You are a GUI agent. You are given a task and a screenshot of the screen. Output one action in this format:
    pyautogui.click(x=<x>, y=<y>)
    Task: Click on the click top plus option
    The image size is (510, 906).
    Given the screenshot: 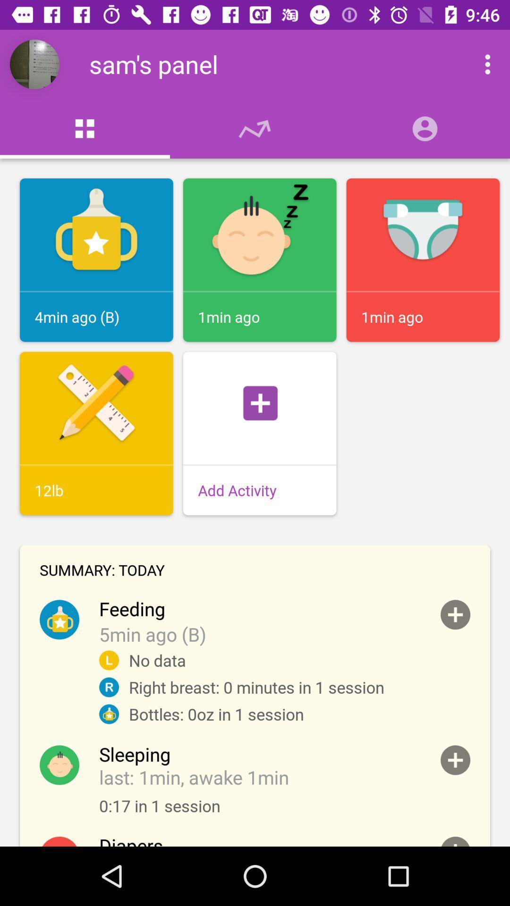 What is the action you would take?
    pyautogui.click(x=455, y=614)
    